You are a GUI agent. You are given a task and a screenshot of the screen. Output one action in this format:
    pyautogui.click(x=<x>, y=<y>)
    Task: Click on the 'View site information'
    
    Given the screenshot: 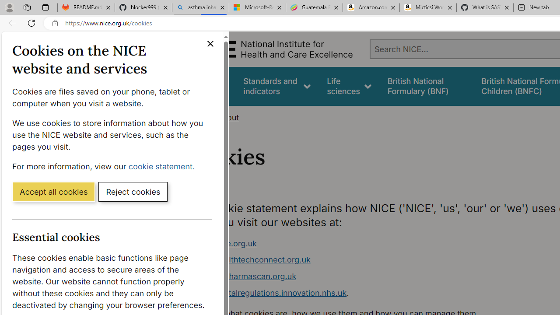 What is the action you would take?
    pyautogui.click(x=55, y=23)
    